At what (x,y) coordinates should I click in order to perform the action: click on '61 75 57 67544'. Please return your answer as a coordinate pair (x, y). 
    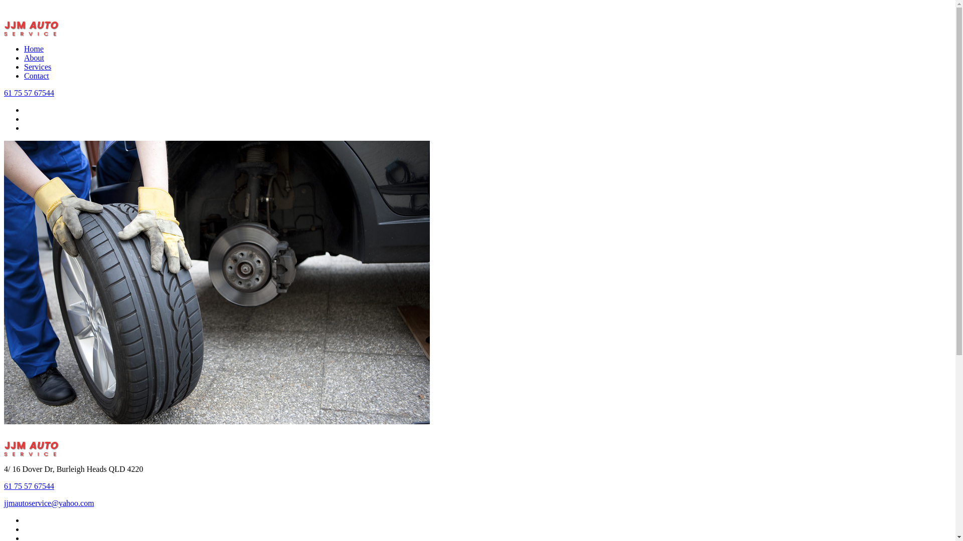
    Looking at the image, I should click on (29, 485).